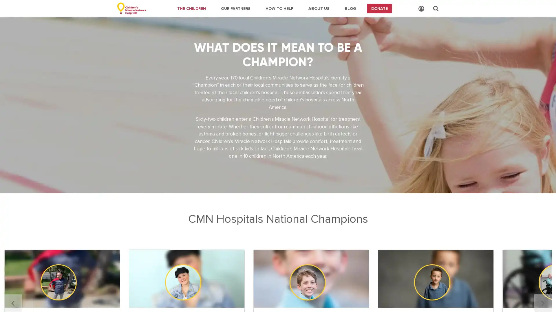 Image resolution: width=556 pixels, height=312 pixels. Describe the element at coordinates (436, 8) in the screenshot. I see `Search` at that location.